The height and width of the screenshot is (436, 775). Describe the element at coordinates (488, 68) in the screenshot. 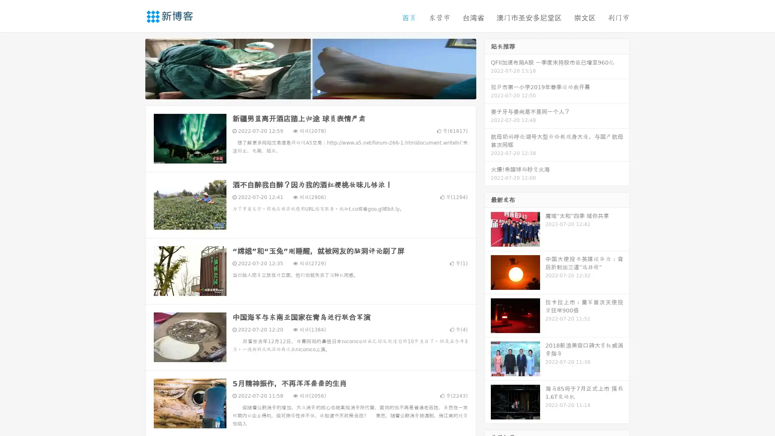

I see `Next slide` at that location.